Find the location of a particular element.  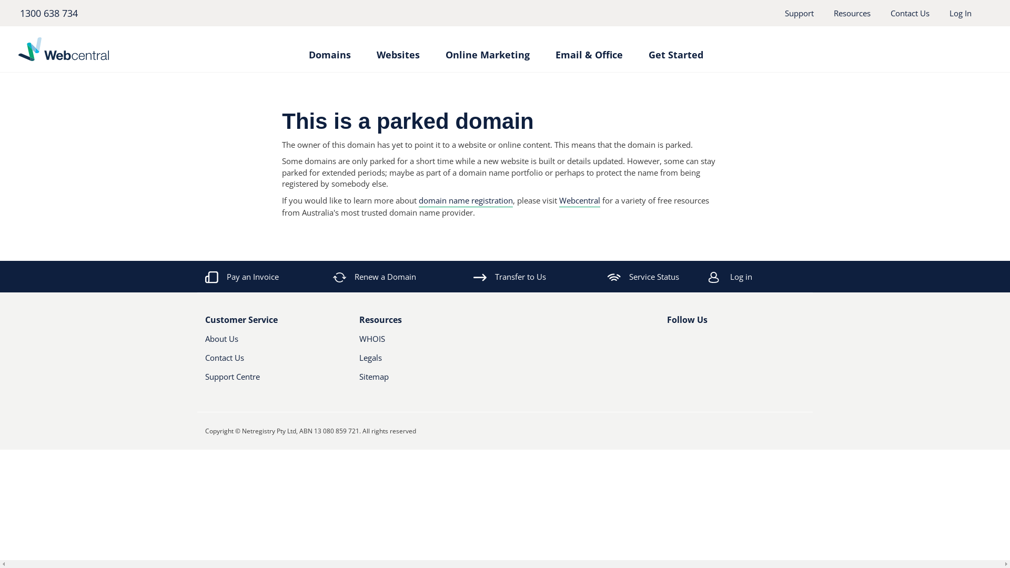

'Log in' is located at coordinates (771, 276).